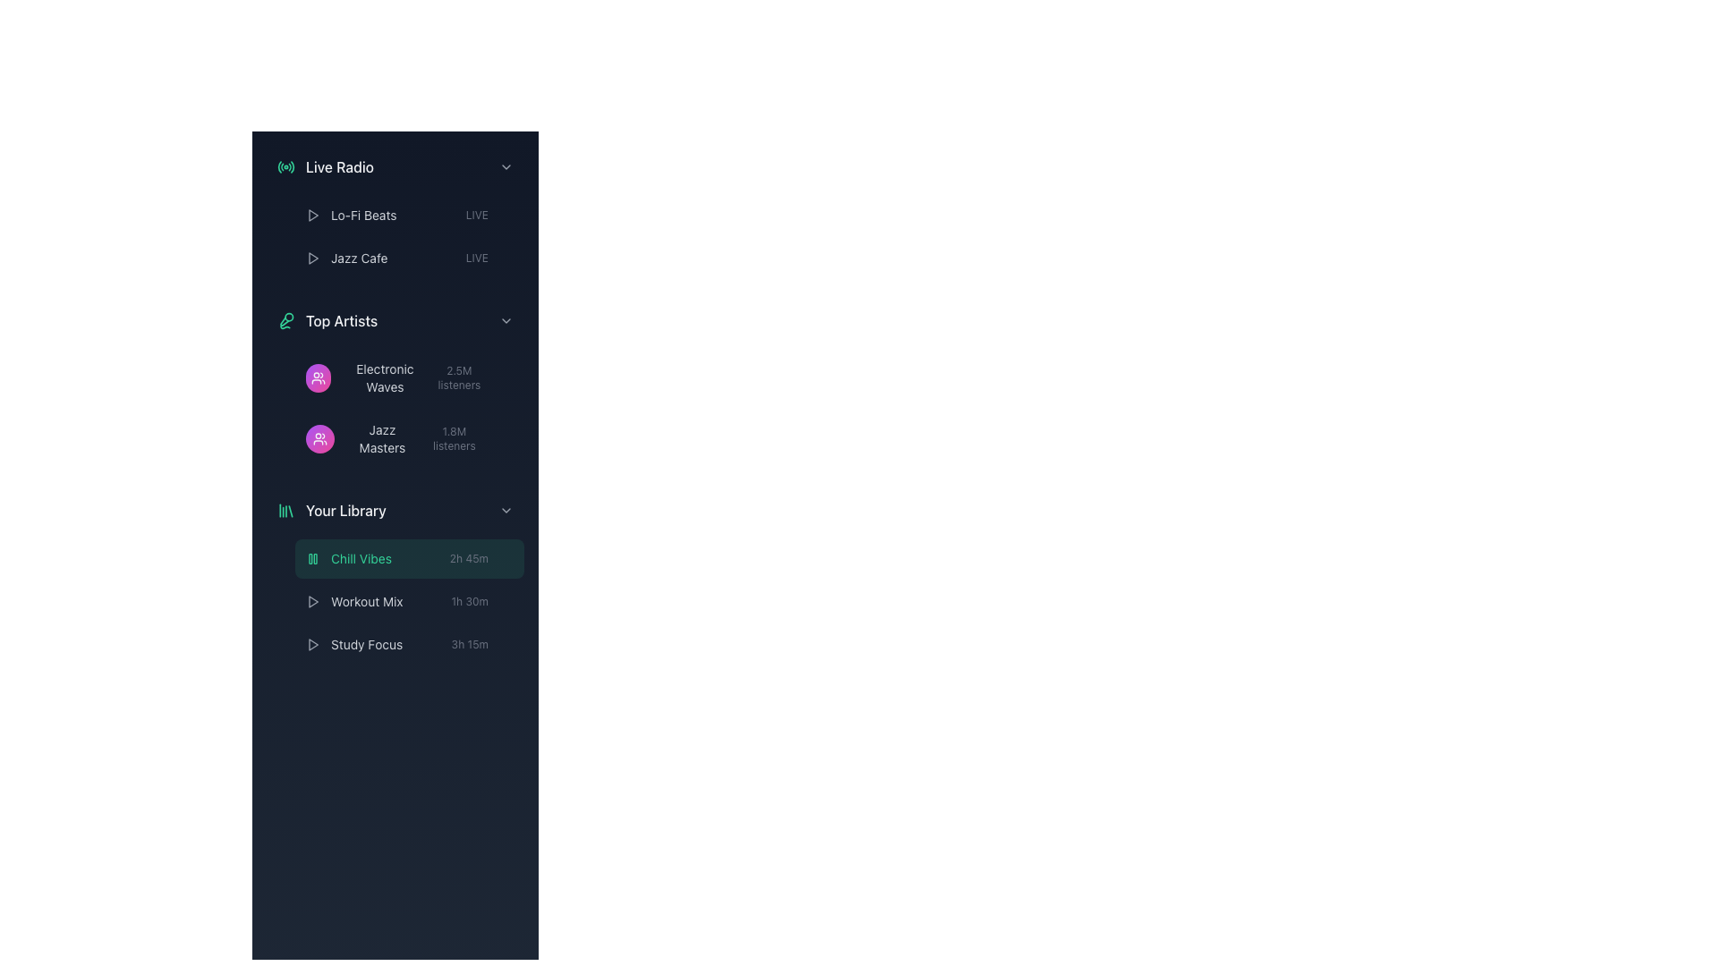 This screenshot has height=966, width=1718. Describe the element at coordinates (408, 214) in the screenshot. I see `the live radio station link 'Lo-Fi Beats'` at that location.